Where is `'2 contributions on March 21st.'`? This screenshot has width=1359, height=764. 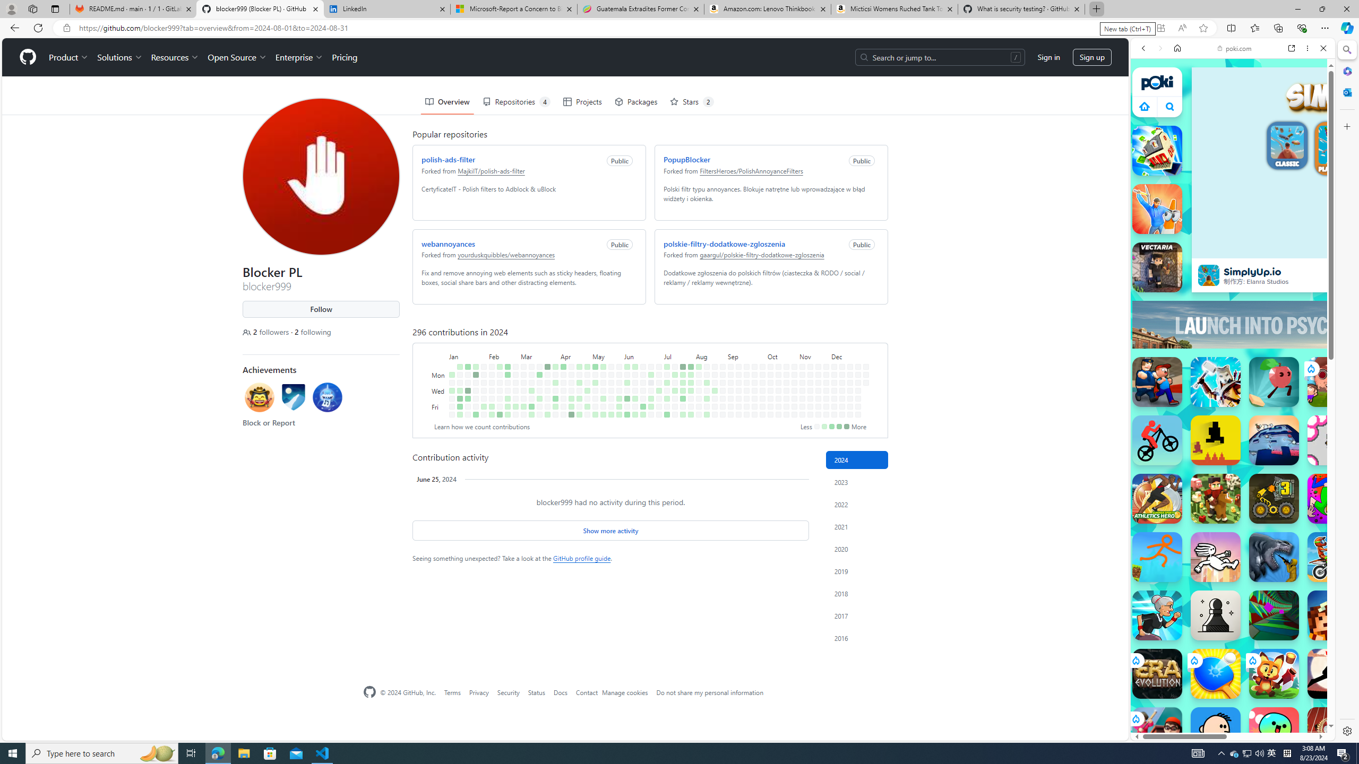 '2 contributions on March 21st.' is located at coordinates (539, 398).